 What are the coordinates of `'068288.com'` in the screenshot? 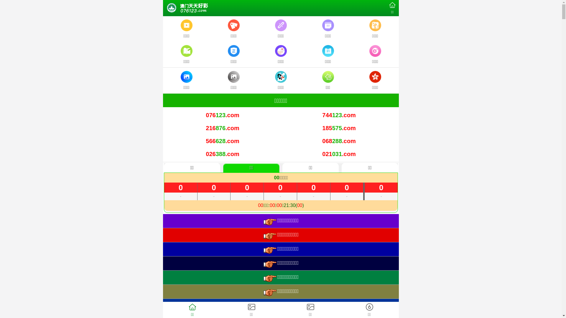 It's located at (339, 141).